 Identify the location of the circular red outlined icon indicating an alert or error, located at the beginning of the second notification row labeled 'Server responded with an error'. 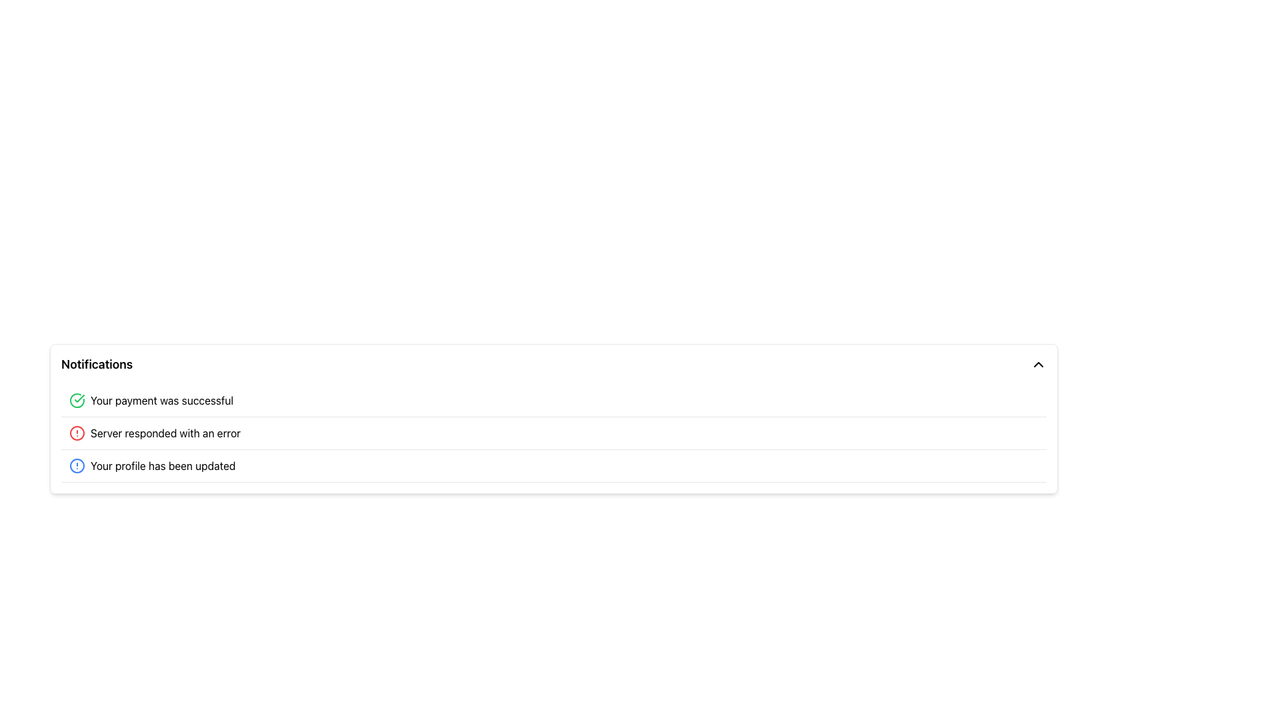
(76, 433).